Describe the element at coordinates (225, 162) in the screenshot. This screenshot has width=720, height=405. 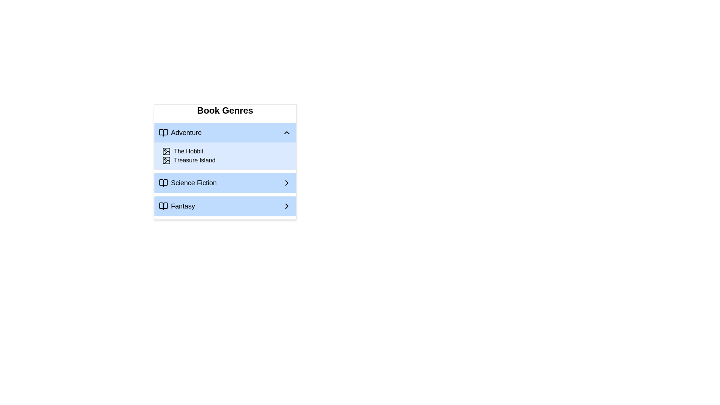
I see `the book title within the 'Book Genres' menu` at that location.